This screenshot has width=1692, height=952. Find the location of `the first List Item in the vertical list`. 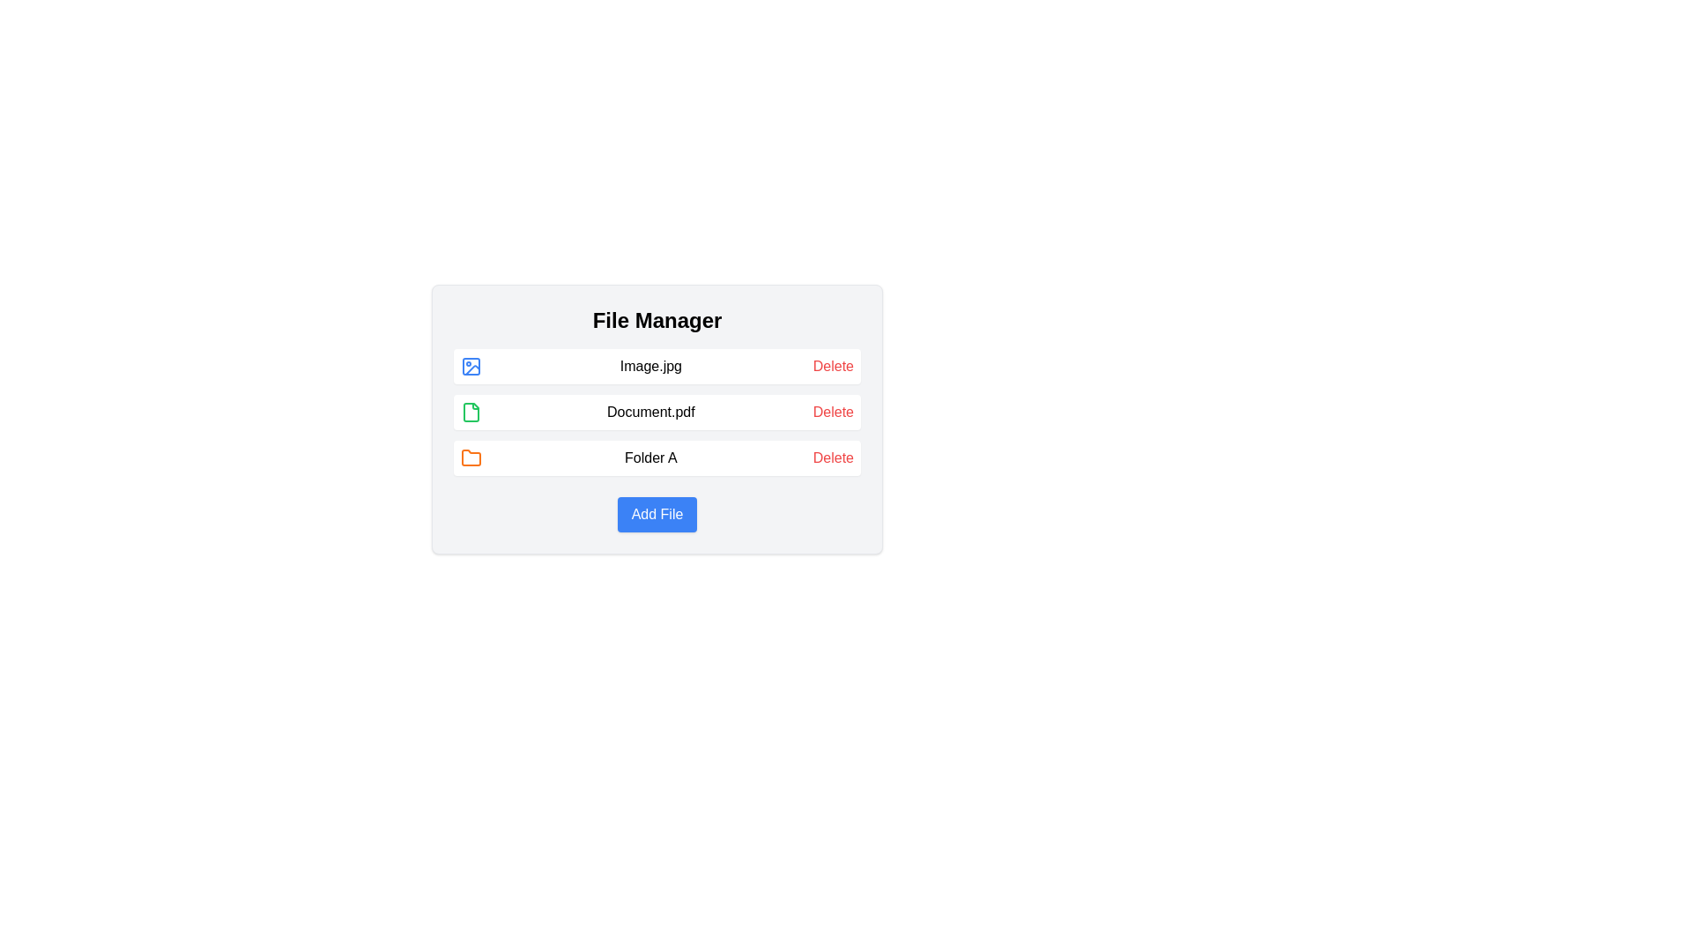

the first List Item in the vertical list is located at coordinates (656, 366).